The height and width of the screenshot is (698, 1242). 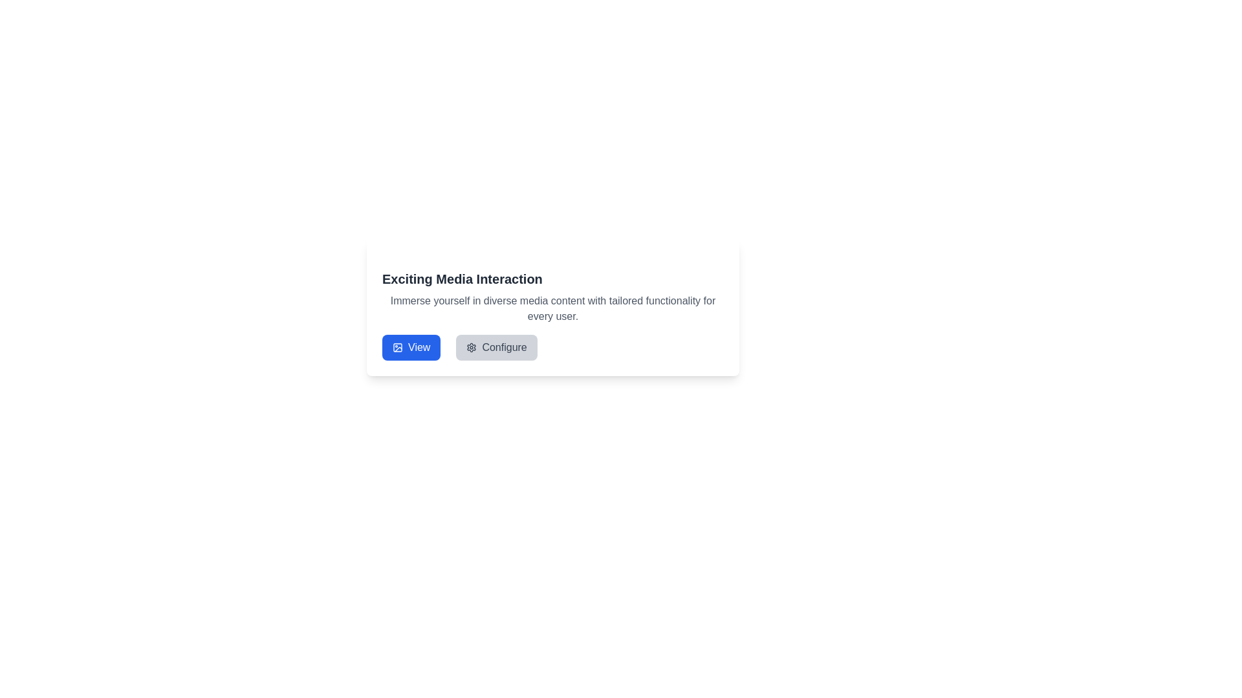 What do you see at coordinates (459, 346) in the screenshot?
I see `the composite UI element consisting of a blue 'View' button and a gray 'Configure' button` at bounding box center [459, 346].